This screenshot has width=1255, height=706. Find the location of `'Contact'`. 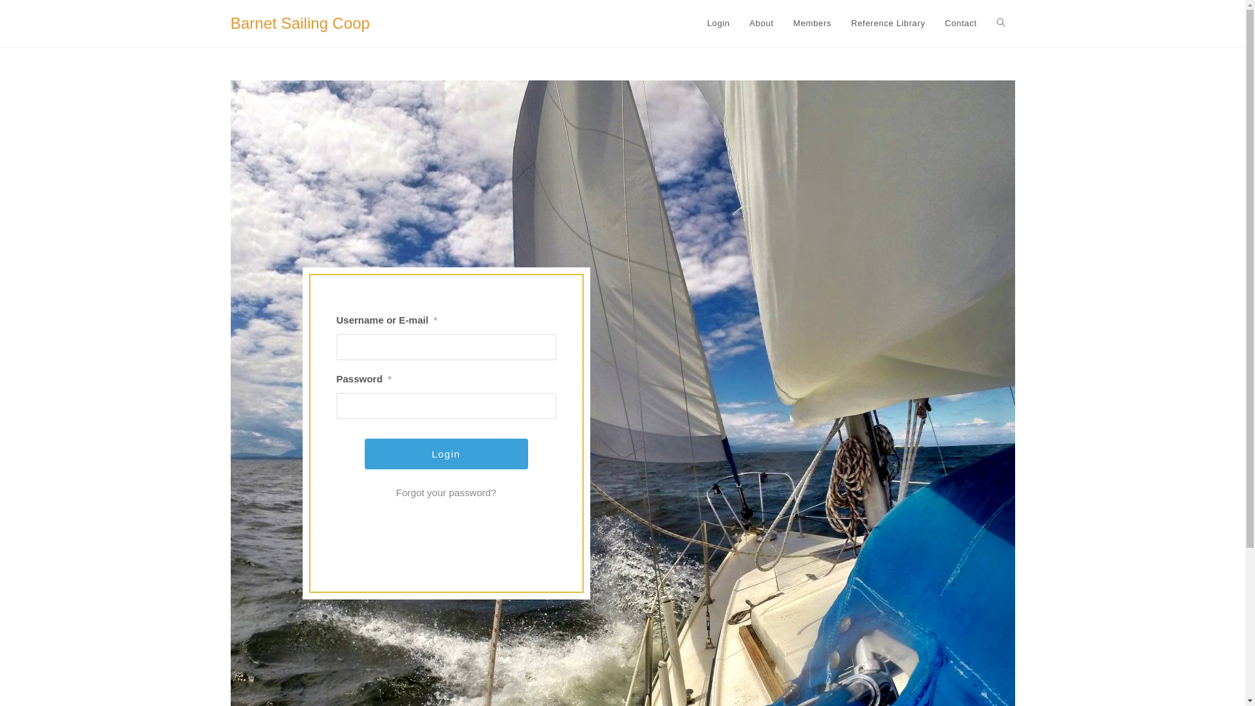

'Contact' is located at coordinates (934, 23).